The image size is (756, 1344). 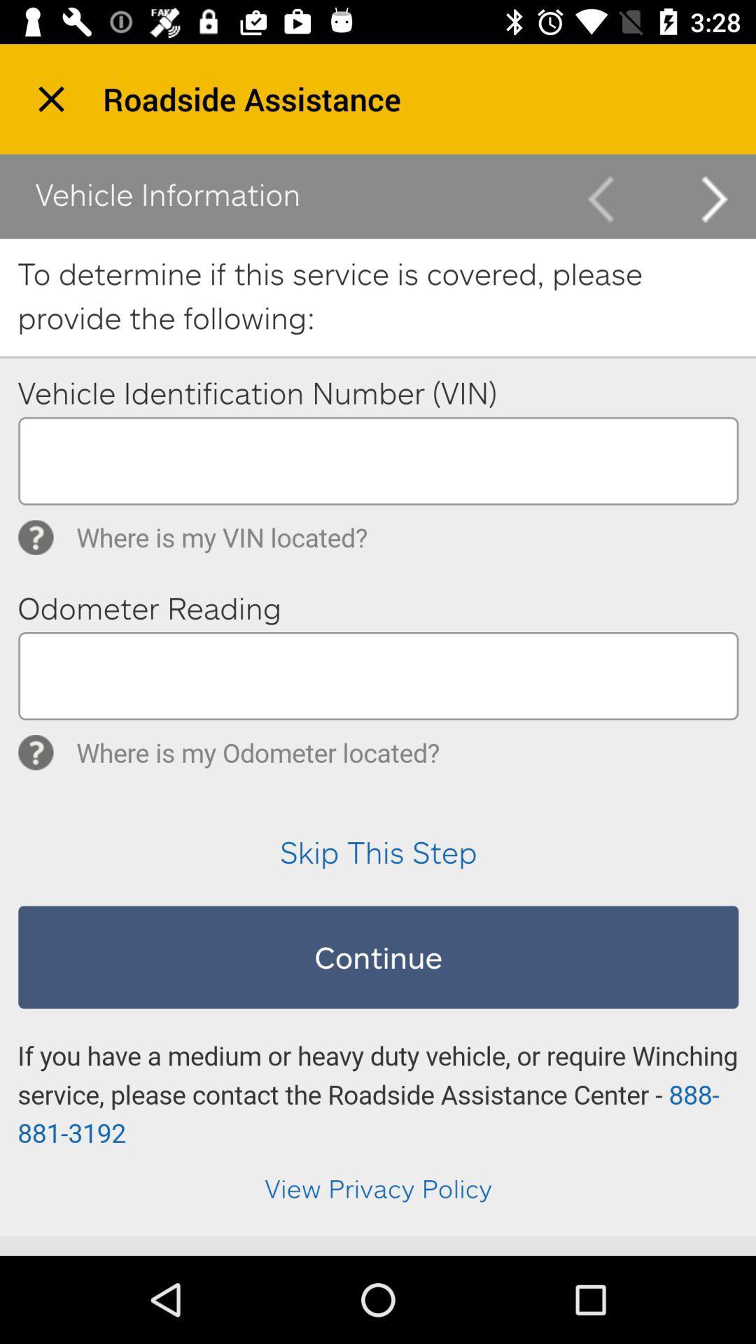 I want to click on vehicle information, so click(x=378, y=695).